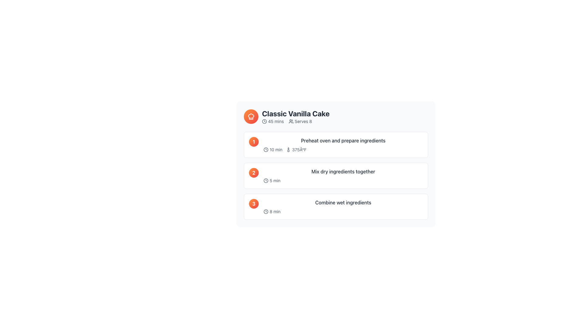 The height and width of the screenshot is (328, 583). I want to click on the clock icon, which is a minimalistic clock representation located to the left of the text '5 min' in the second step row, so click(266, 180).